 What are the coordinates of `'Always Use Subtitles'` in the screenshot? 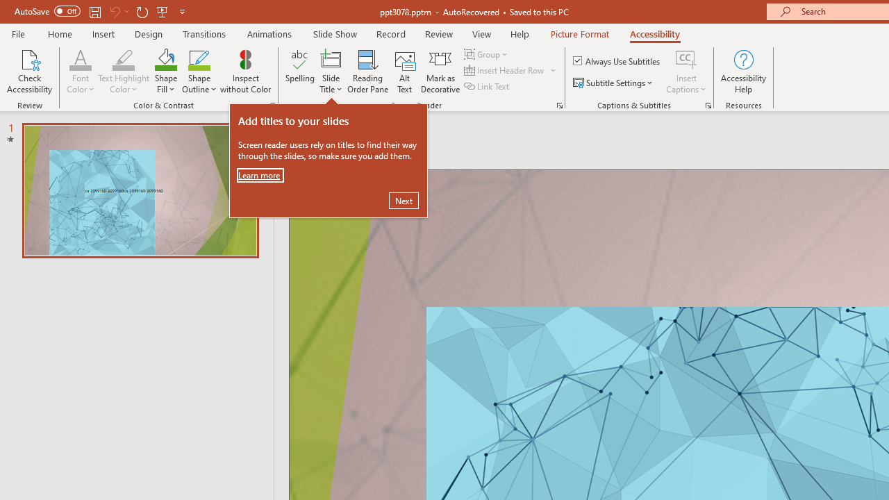 It's located at (617, 60).